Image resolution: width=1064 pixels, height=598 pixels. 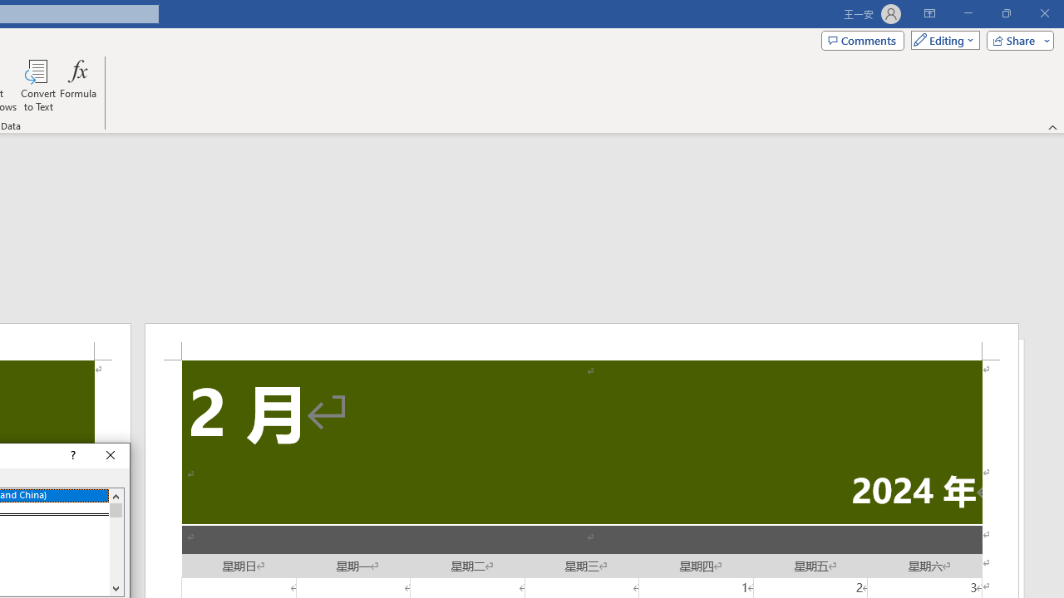 What do you see at coordinates (115, 495) in the screenshot?
I see `'Line up'` at bounding box center [115, 495].